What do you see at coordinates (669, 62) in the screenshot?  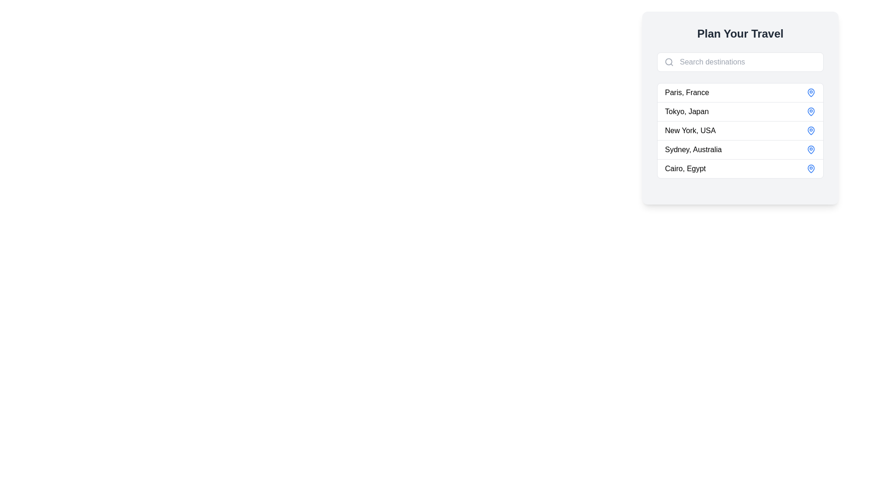 I see `the search icon located in the upper-left corner of the search input field in the 'Plan Your Travel' section, which helps users recognize the search functionality` at bounding box center [669, 62].